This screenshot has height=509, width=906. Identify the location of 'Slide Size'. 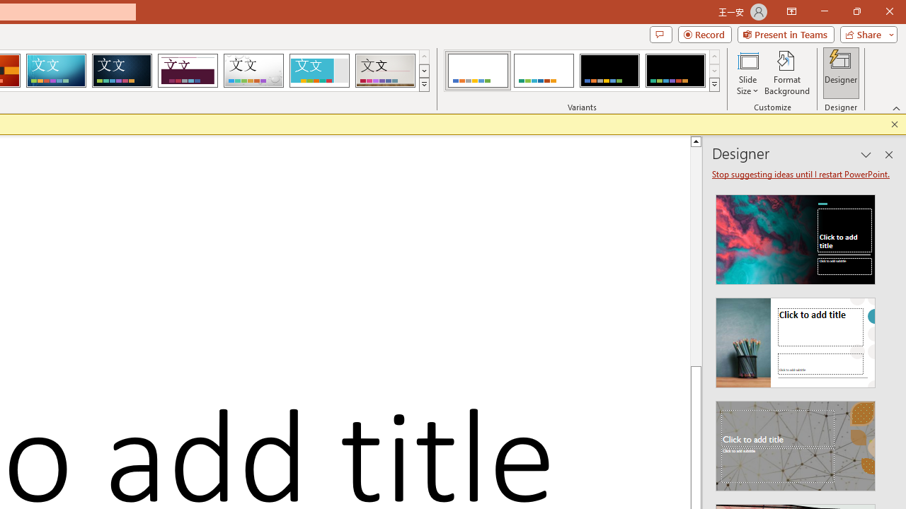
(747, 73).